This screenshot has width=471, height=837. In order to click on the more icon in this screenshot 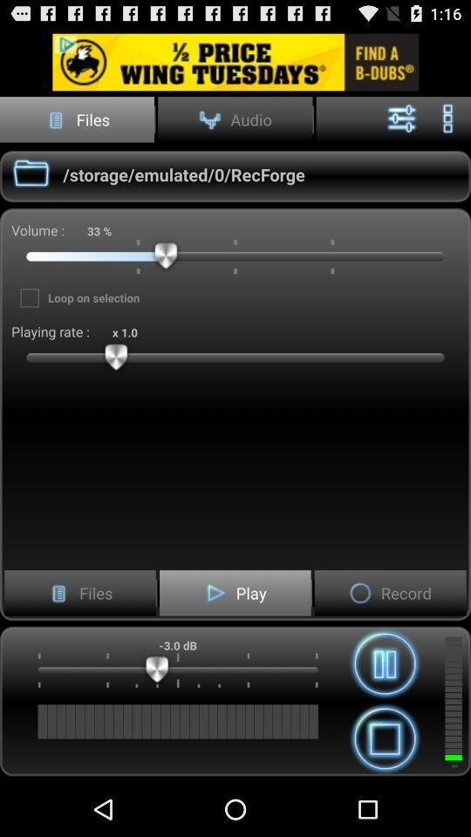, I will do `click(447, 126)`.